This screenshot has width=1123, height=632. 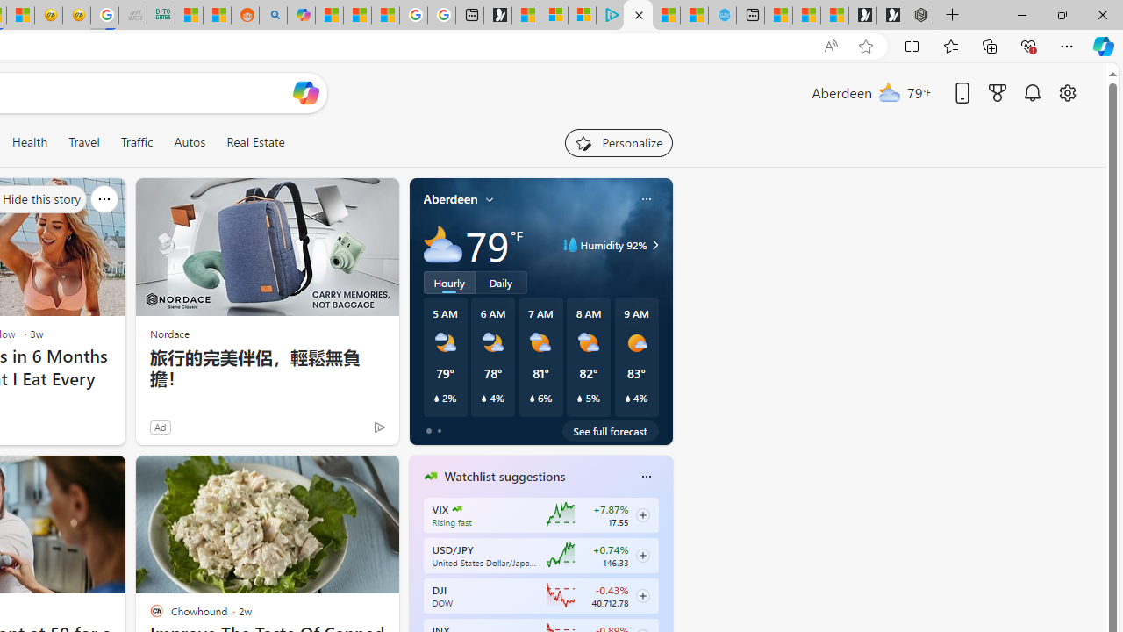 What do you see at coordinates (161, 15) in the screenshot?
I see `'DITOGAMES AG Imprint'` at bounding box center [161, 15].